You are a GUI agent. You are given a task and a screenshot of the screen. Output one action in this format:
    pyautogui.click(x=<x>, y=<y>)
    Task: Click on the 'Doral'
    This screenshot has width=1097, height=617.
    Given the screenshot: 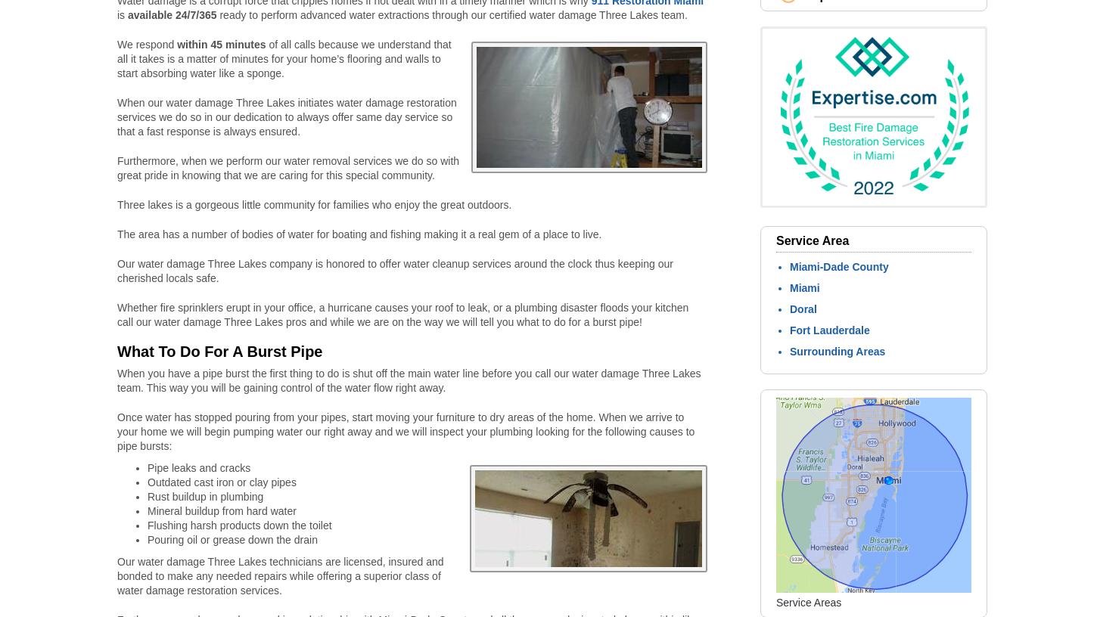 What is the action you would take?
    pyautogui.click(x=803, y=308)
    